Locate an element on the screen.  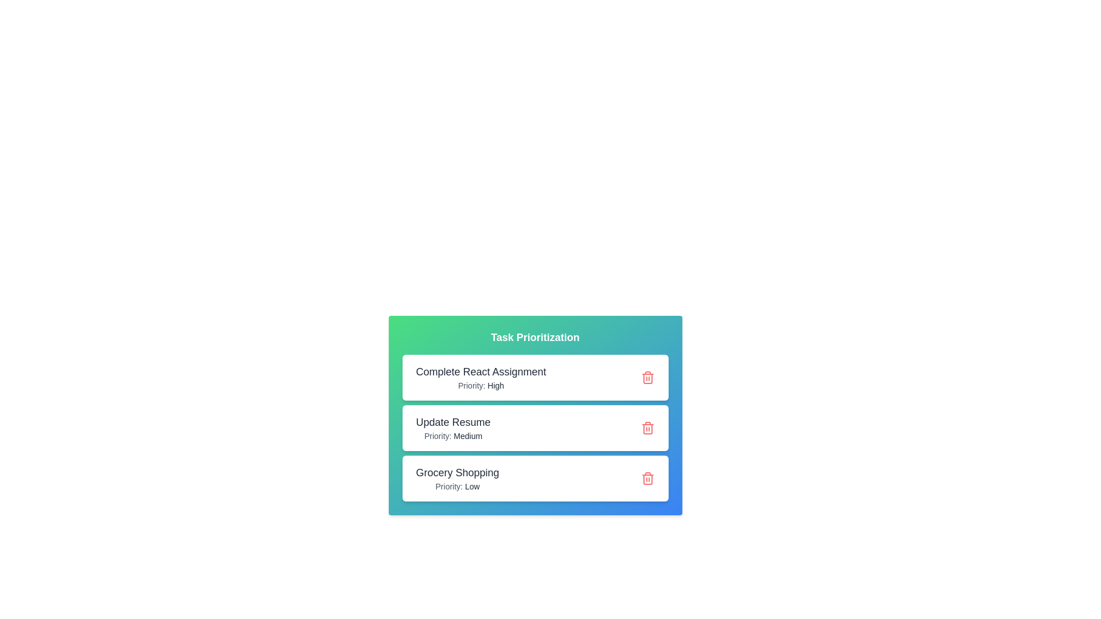
the delete button for the task identified by Update Resume is located at coordinates (647, 428).